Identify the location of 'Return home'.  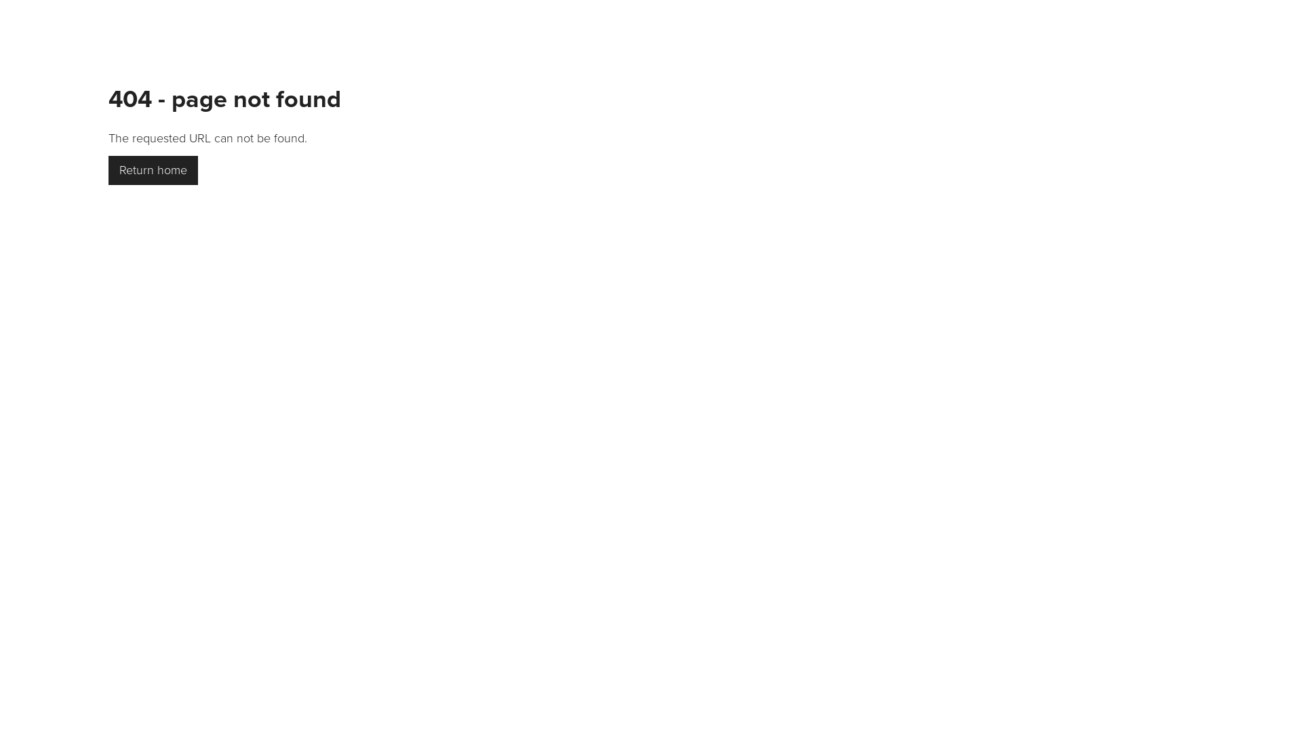
(153, 169).